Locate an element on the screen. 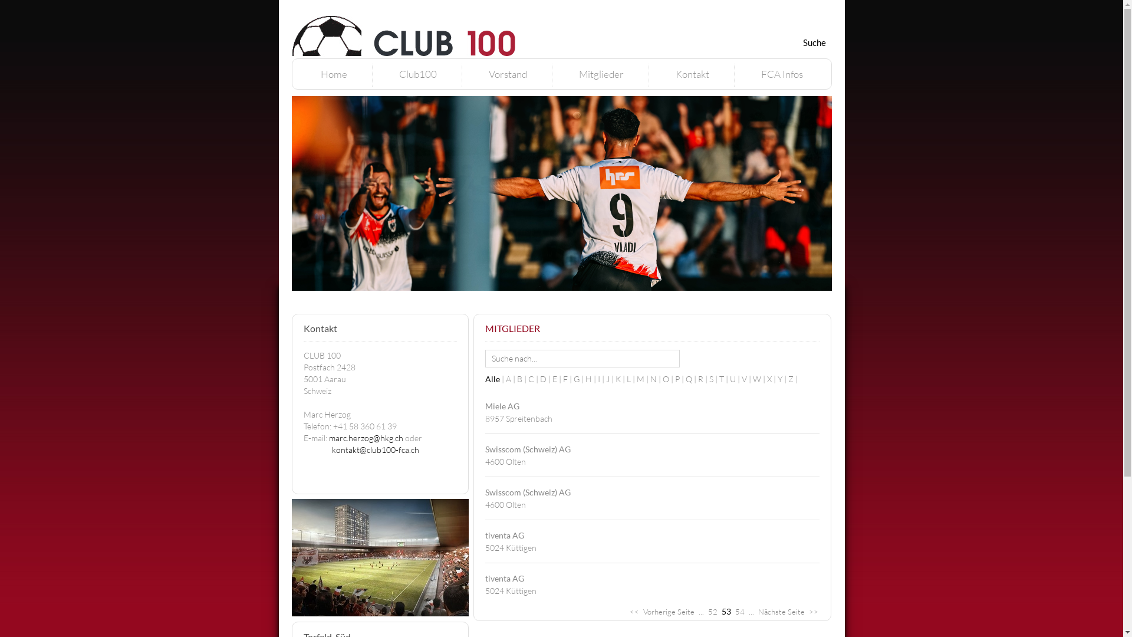 The height and width of the screenshot is (637, 1132). 'G' is located at coordinates (579, 379).